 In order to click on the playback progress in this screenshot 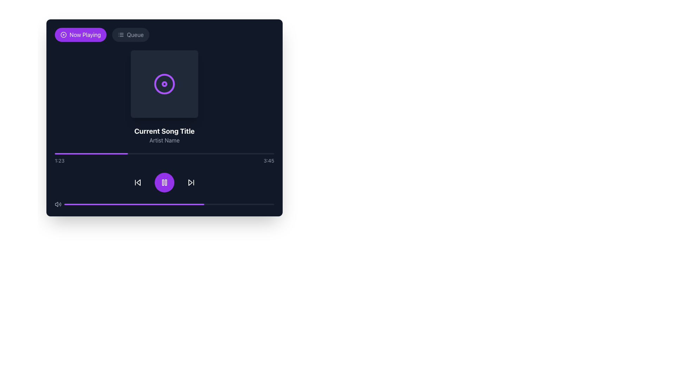, I will do `click(254, 153)`.